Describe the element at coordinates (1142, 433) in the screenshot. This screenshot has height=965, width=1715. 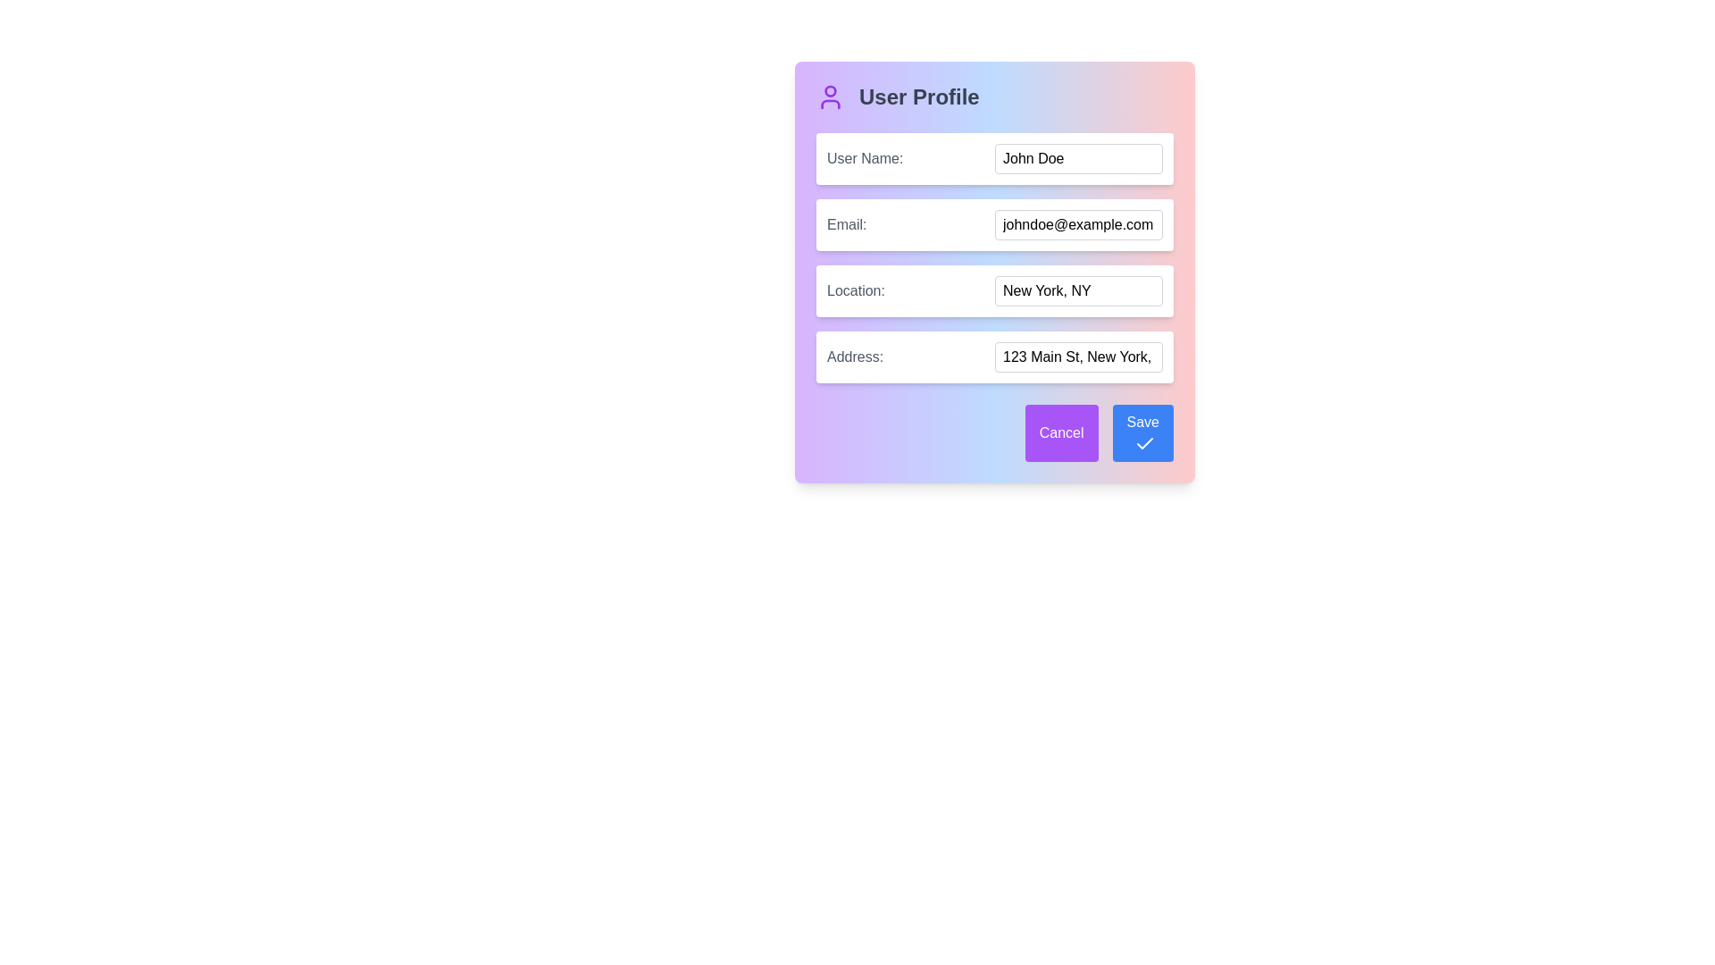
I see `the save button located at the bottom-right corner of the form` at that location.